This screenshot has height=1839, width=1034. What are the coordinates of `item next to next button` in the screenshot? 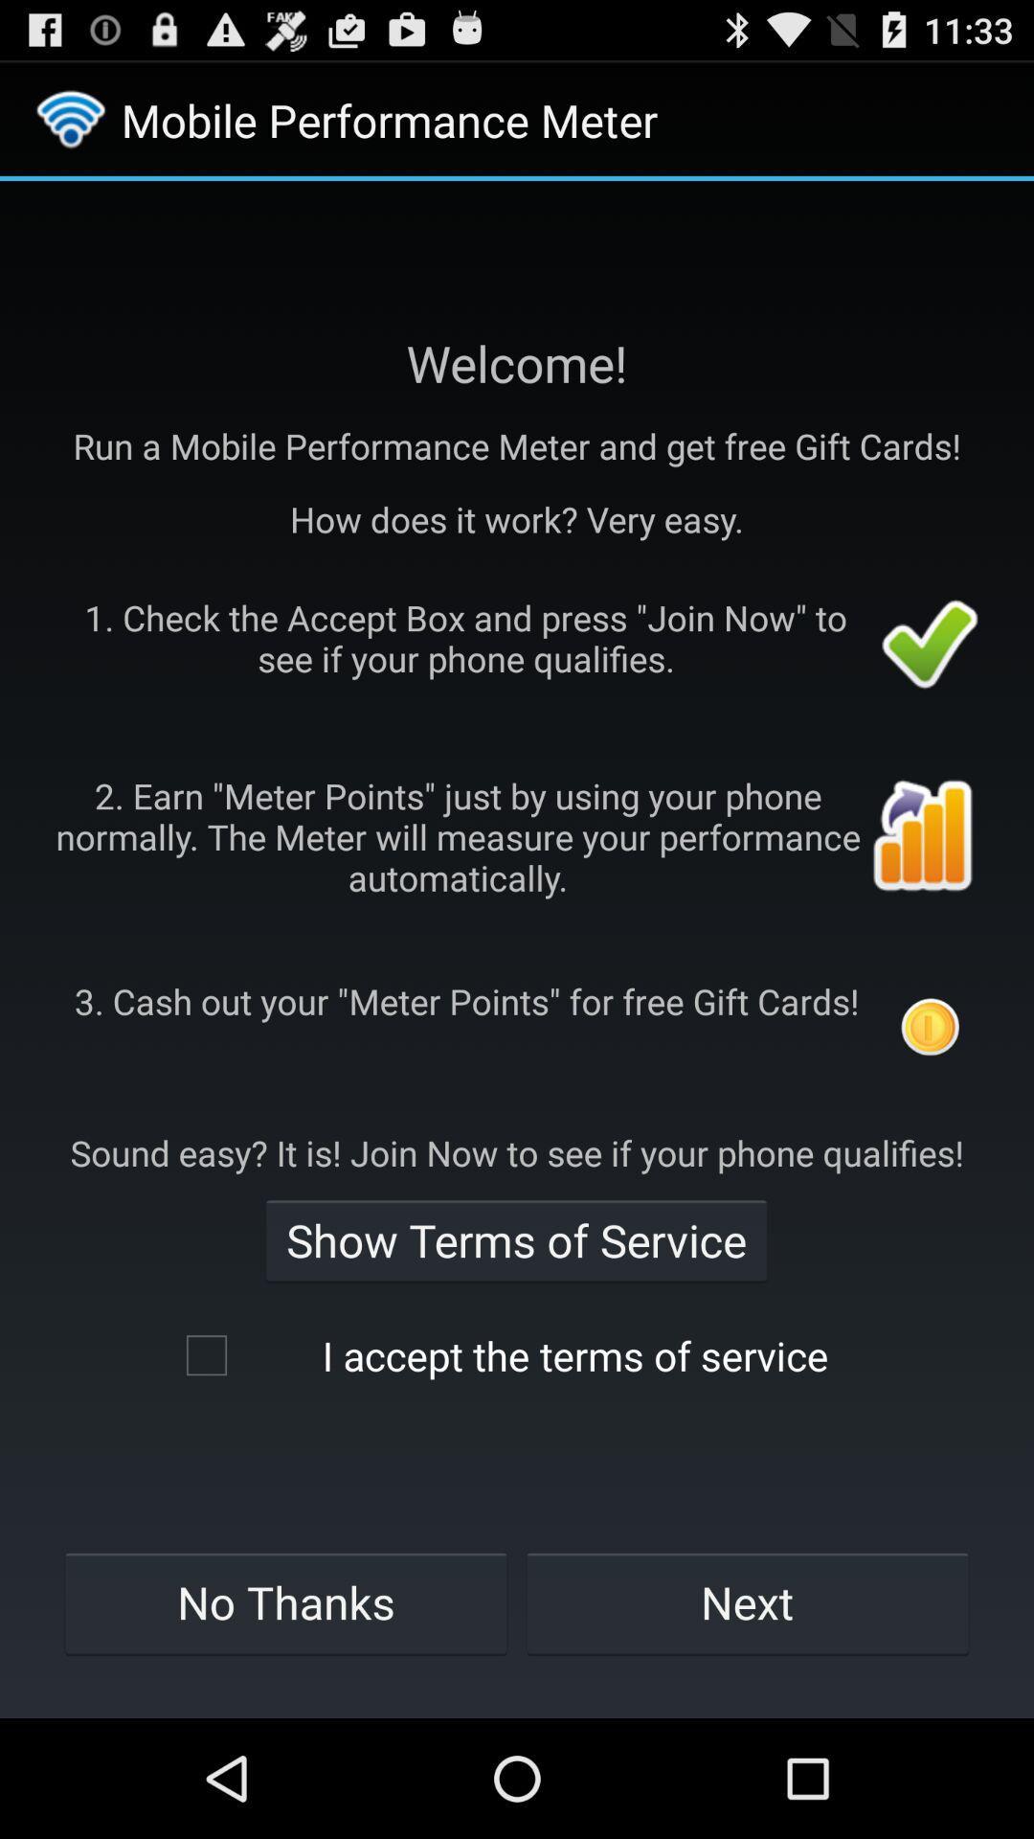 It's located at (285, 1602).